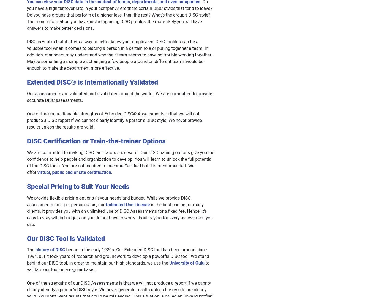  Describe the element at coordinates (118, 256) in the screenshot. I see `'began in the early 1920s. Our Extended DISC tool has been around since 1994, but it took years of research and groundwork to develop a powerful DISC tool. We stand behind our DISC tool. In order to maintain our high standards, we use the'` at that location.